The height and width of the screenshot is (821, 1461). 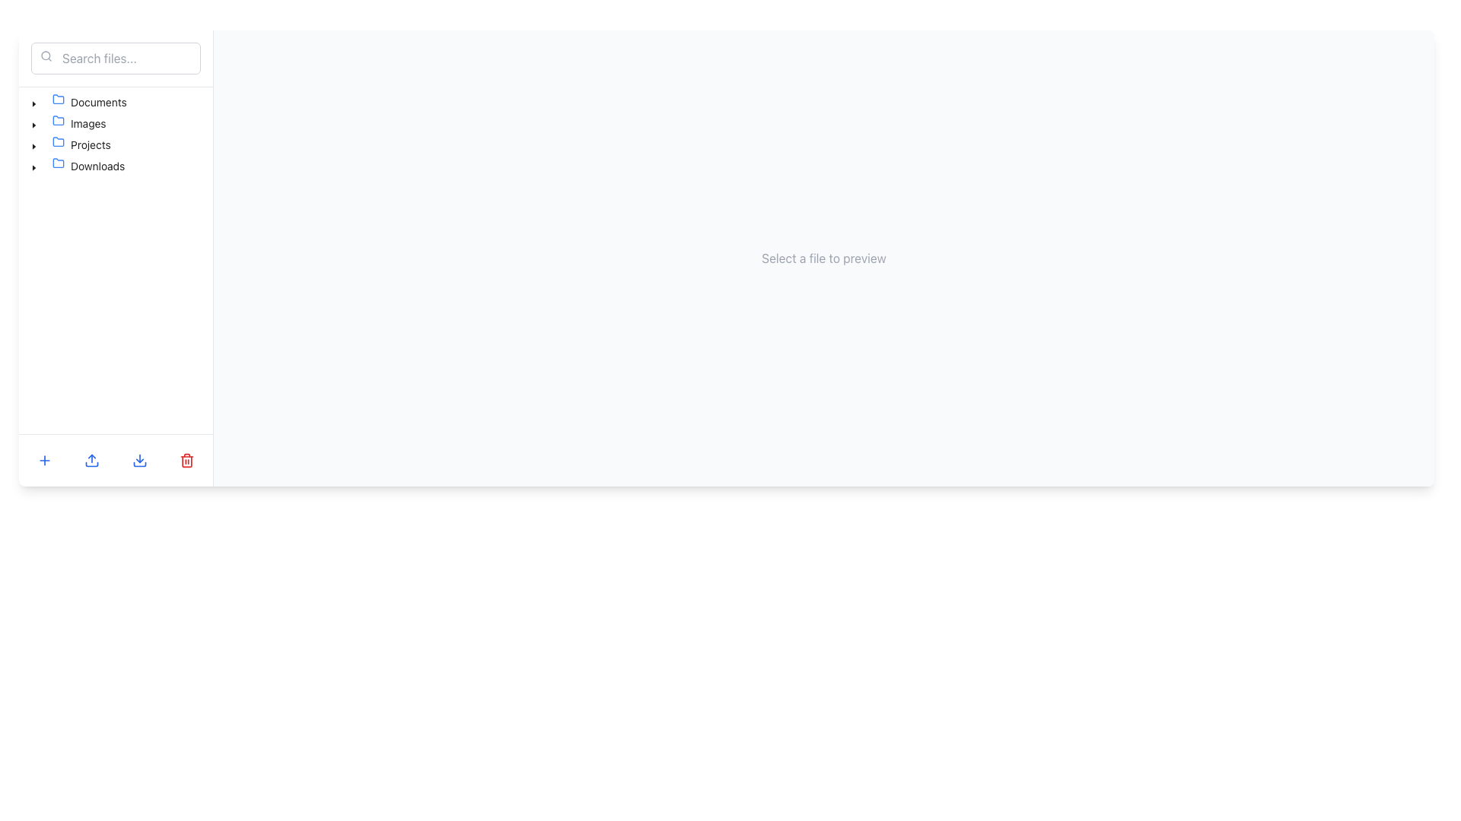 I want to click on the 'Projects' folder item, so click(x=70, y=145).